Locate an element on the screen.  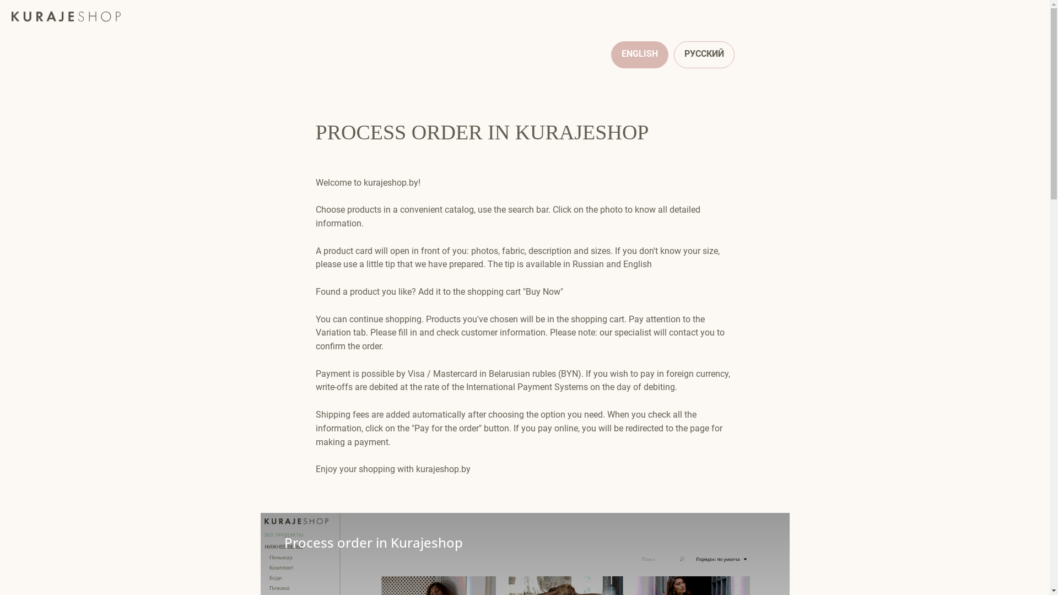
'ENGLISH' is located at coordinates (639, 55).